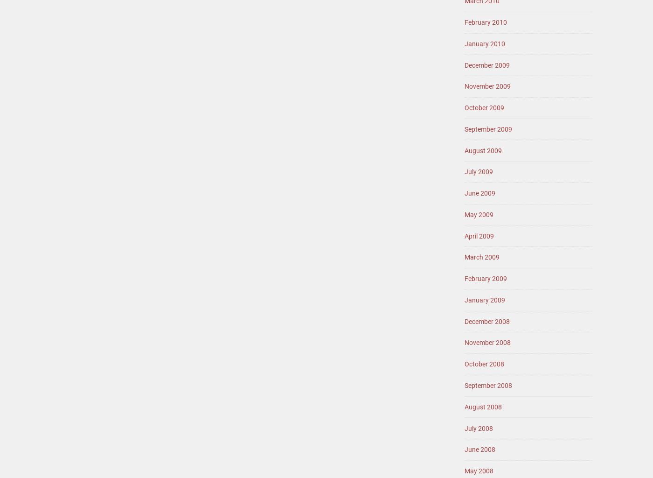  Describe the element at coordinates (464, 257) in the screenshot. I see `'March 2009'` at that location.